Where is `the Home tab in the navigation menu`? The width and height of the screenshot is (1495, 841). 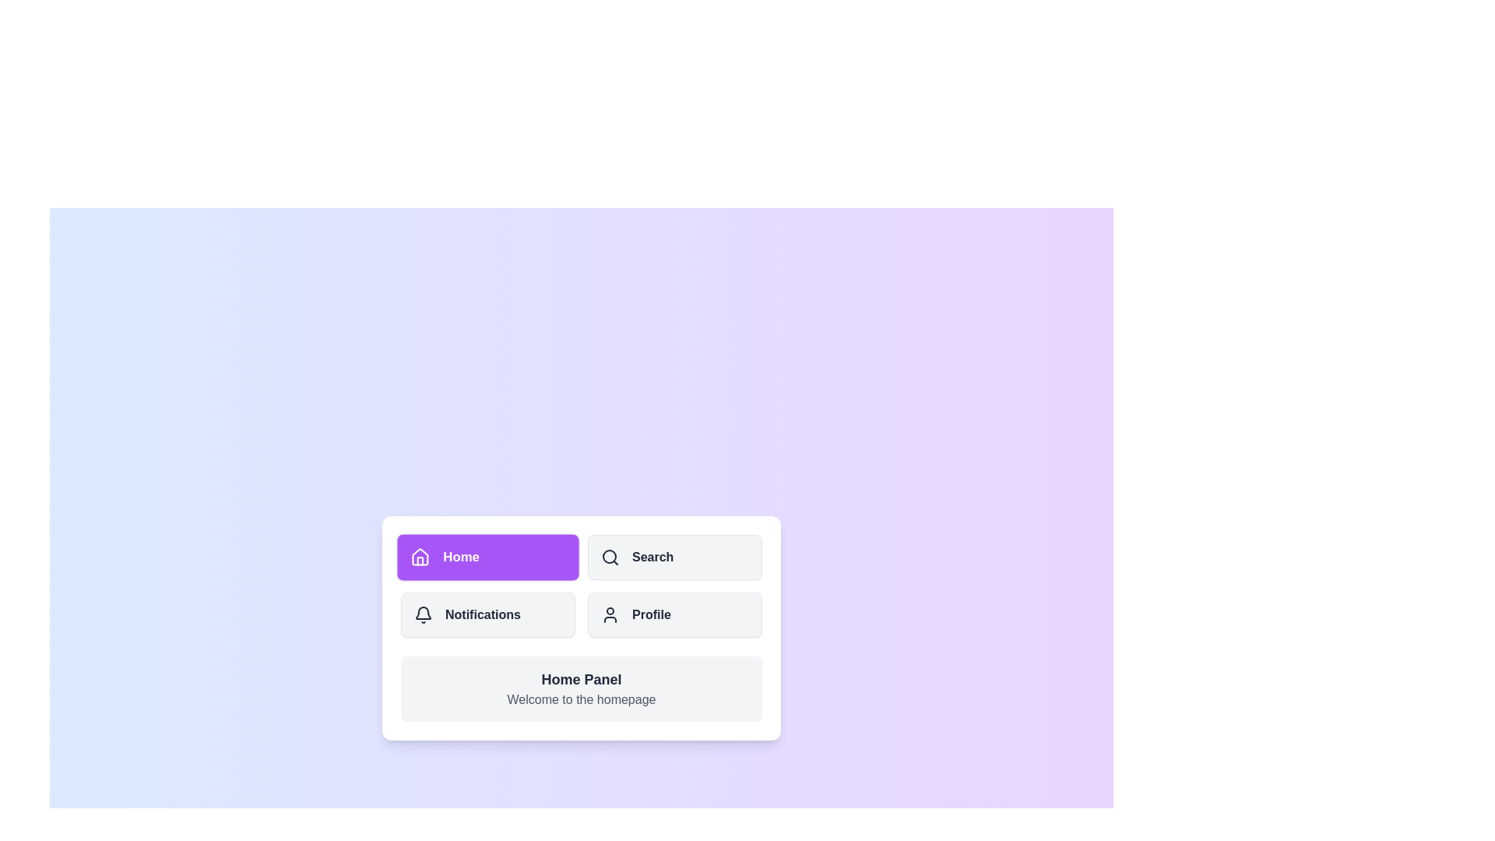
the Home tab in the navigation menu is located at coordinates (487, 557).